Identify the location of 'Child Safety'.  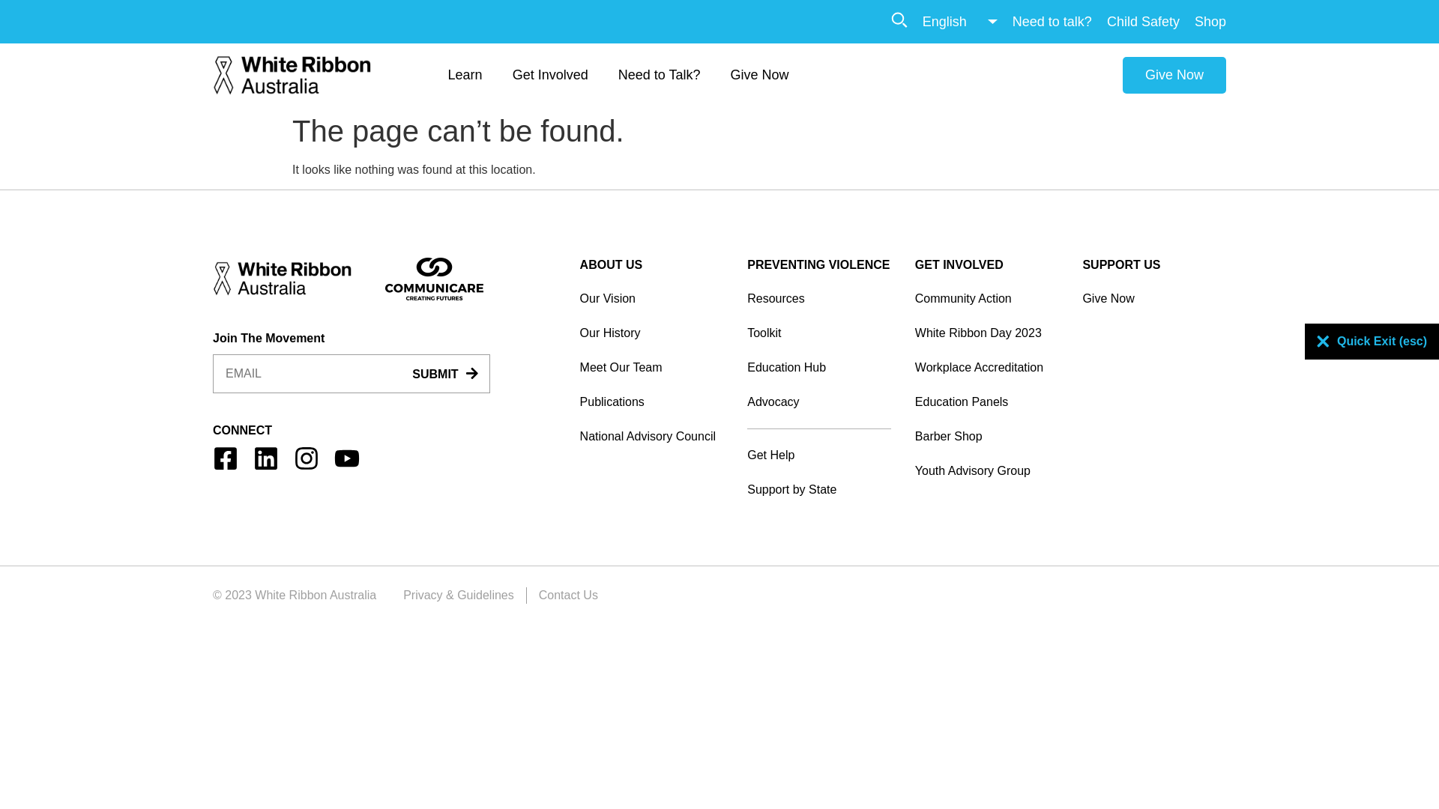
(1107, 21).